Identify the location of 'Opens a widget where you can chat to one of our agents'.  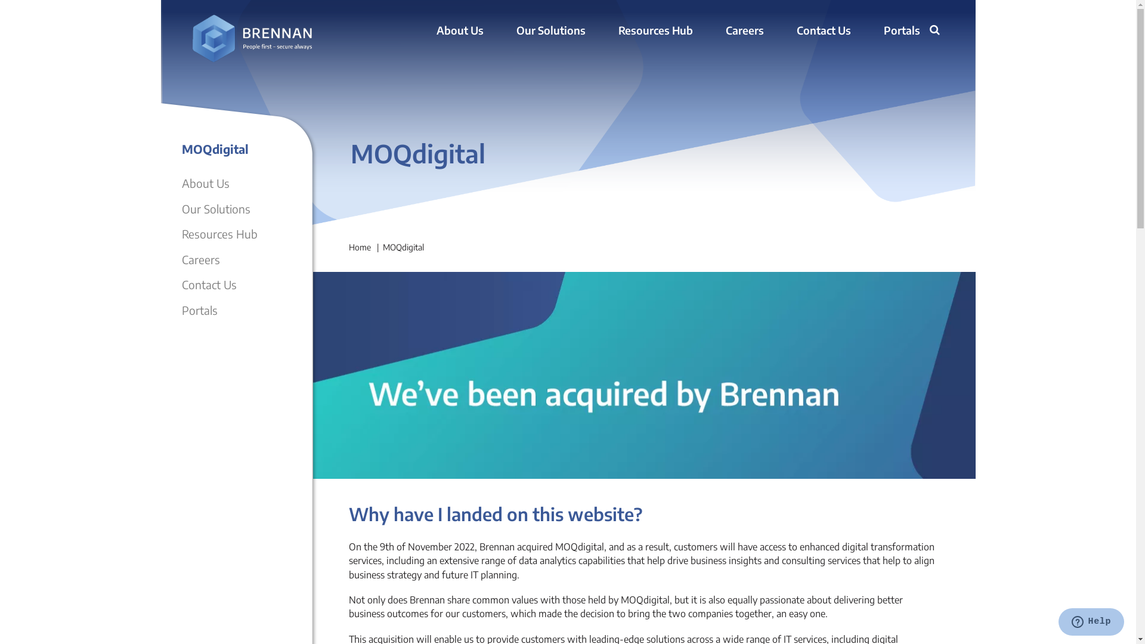
(1091, 623).